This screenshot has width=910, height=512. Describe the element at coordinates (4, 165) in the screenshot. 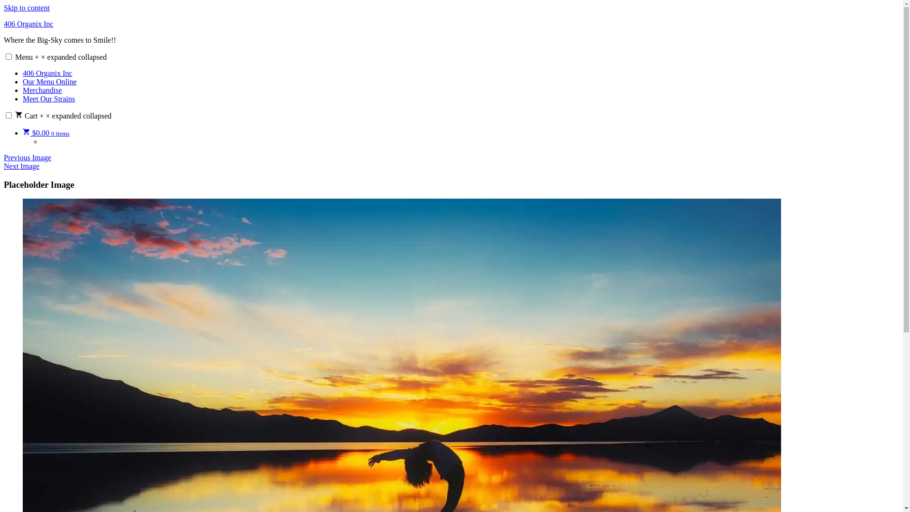

I see `'Next Image'` at that location.